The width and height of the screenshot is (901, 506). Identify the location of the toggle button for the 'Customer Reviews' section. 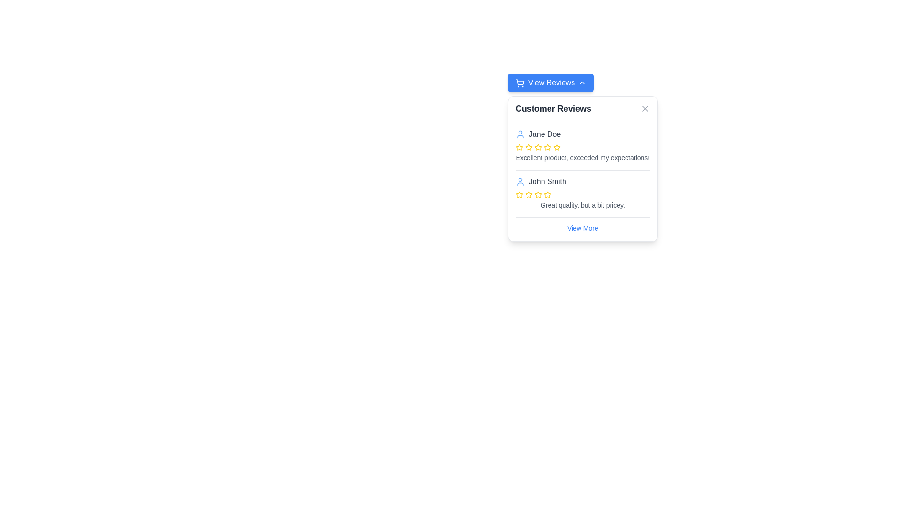
(550, 82).